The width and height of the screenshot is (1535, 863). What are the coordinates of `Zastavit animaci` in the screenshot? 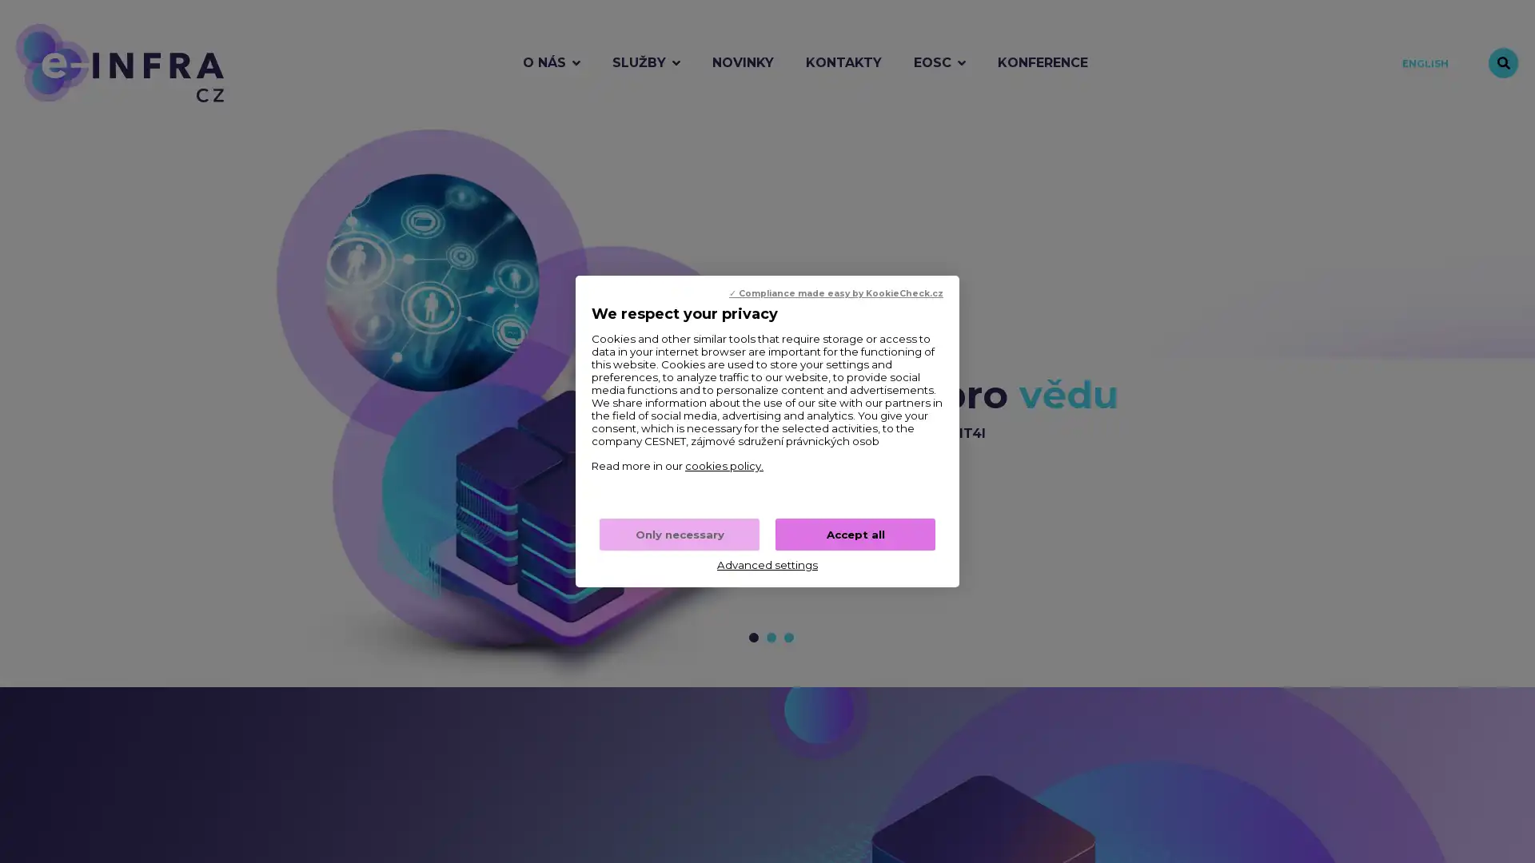 It's located at (1502, 160).